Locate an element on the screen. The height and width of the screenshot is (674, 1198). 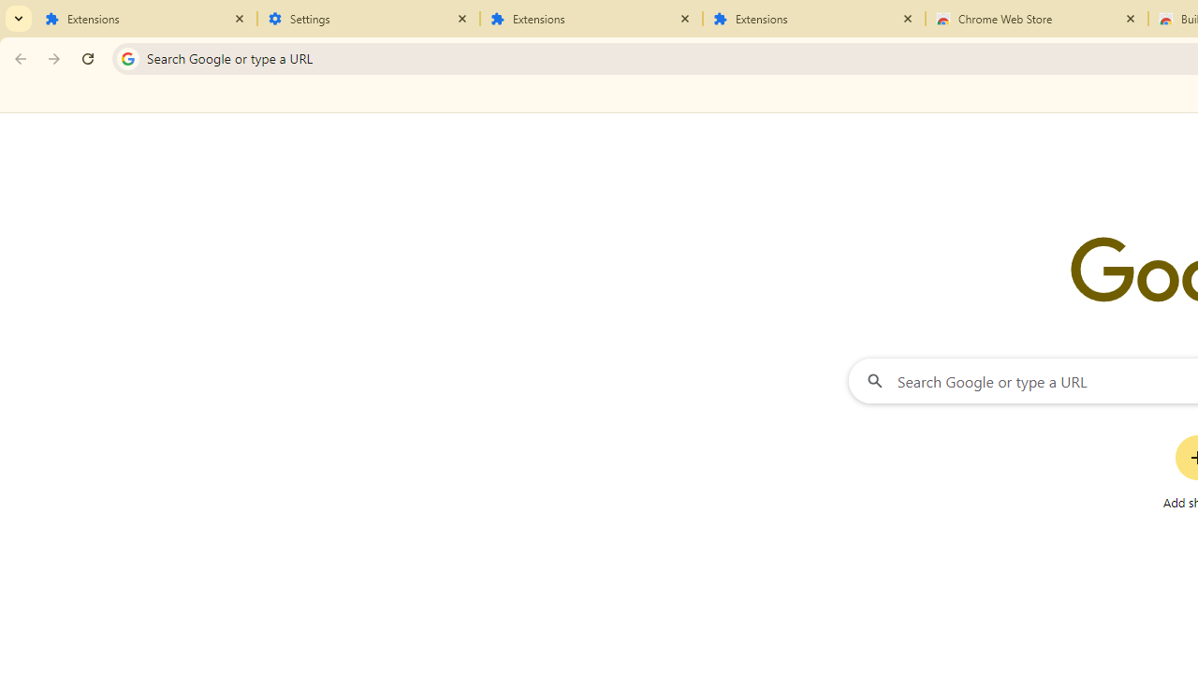
'Extensions' is located at coordinates (145, 19).